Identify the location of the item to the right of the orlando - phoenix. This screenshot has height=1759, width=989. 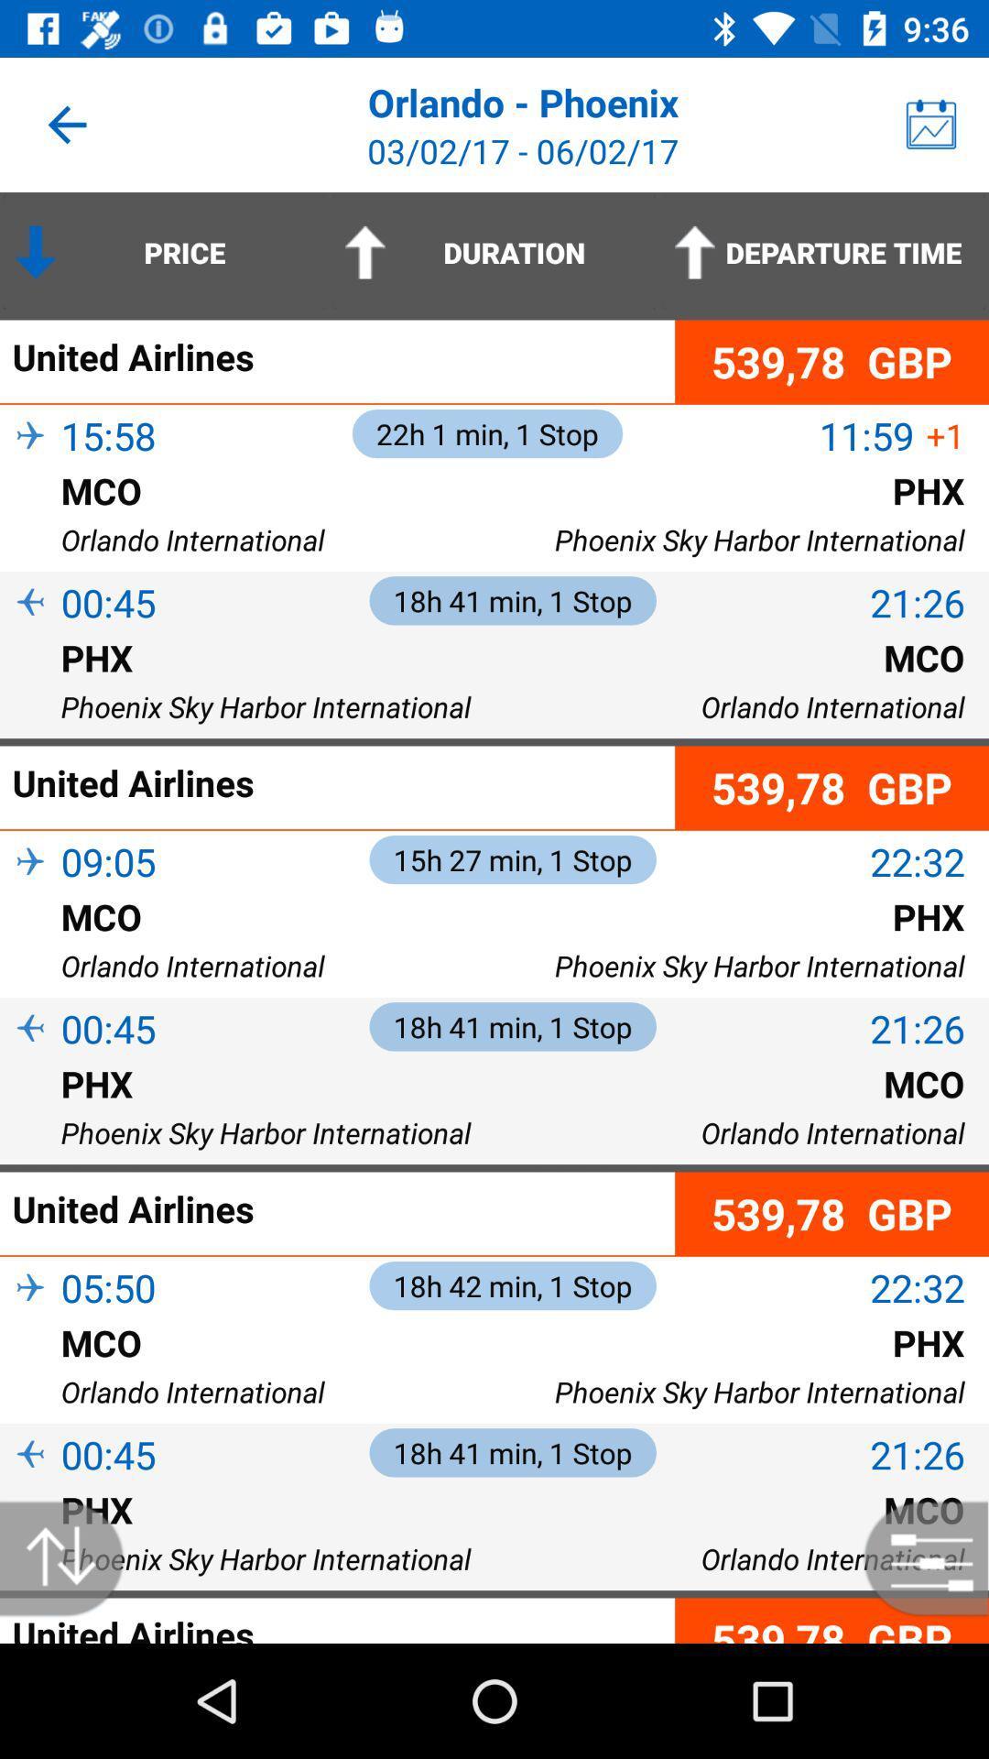
(931, 124).